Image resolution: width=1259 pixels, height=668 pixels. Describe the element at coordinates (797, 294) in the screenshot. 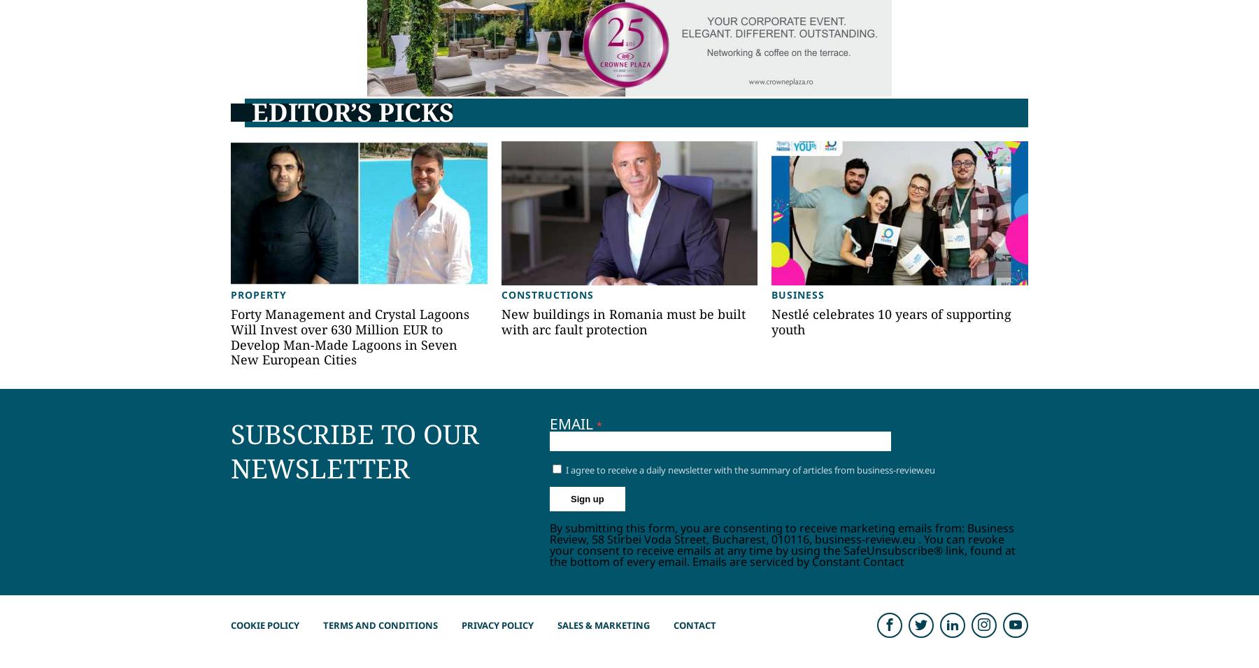

I see `'Business'` at that location.